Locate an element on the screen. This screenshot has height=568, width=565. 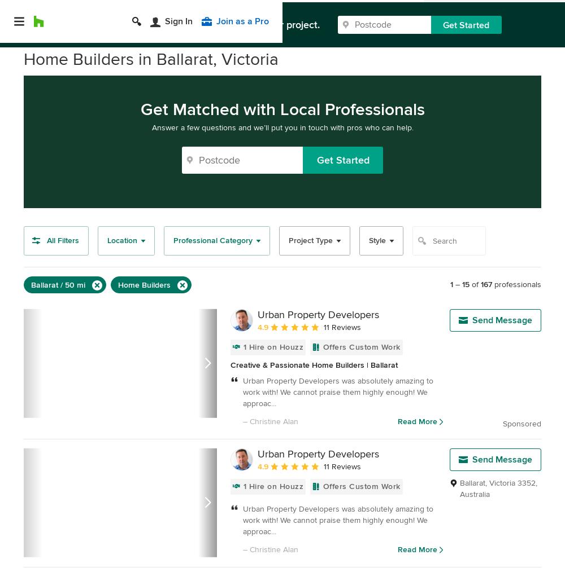
'167' is located at coordinates (480, 284).